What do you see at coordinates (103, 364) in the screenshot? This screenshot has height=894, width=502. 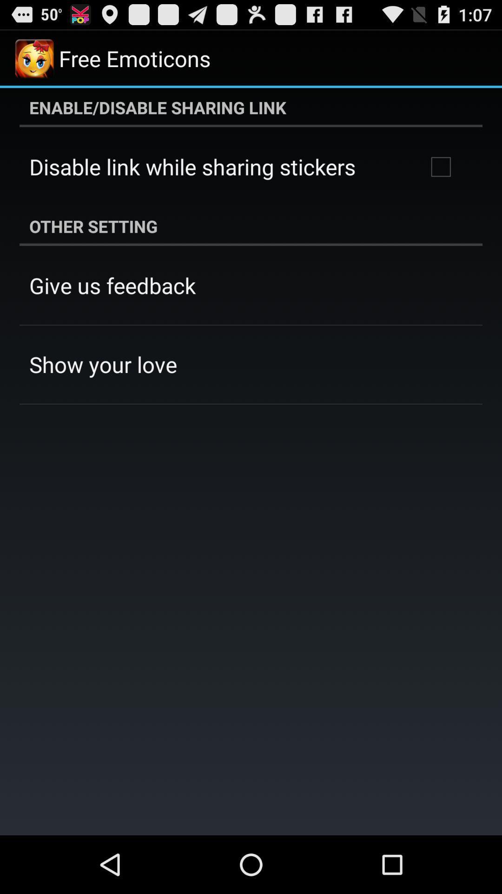 I see `the show your love app` at bounding box center [103, 364].